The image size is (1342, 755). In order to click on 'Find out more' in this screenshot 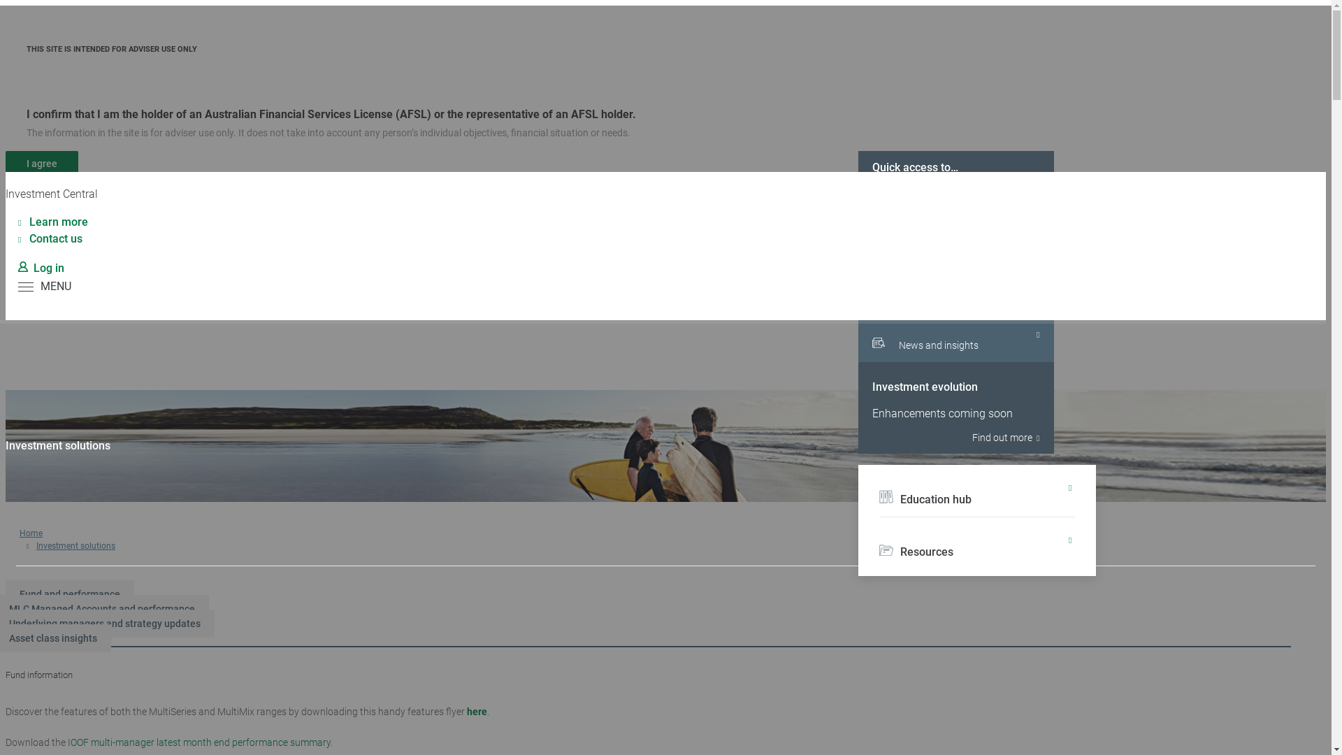, I will do `click(955, 437)`.